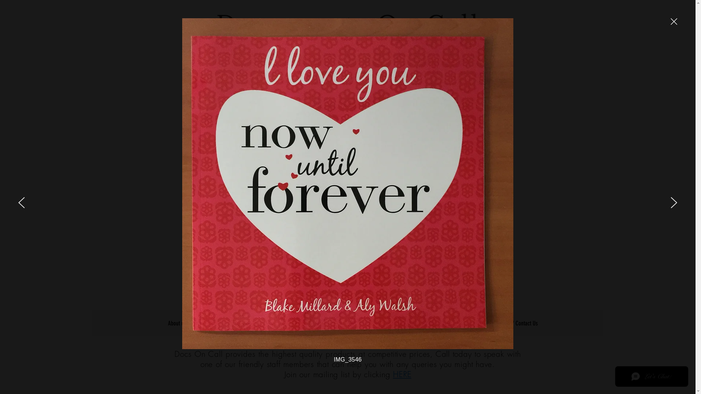  Describe the element at coordinates (410, 60) in the screenshot. I see `'(03) 9687 7555'` at that location.